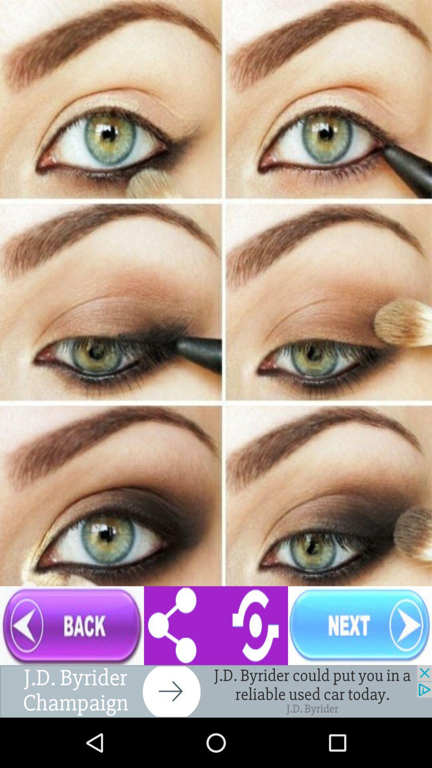 The height and width of the screenshot is (768, 432). What do you see at coordinates (216, 625) in the screenshot?
I see `share` at bounding box center [216, 625].